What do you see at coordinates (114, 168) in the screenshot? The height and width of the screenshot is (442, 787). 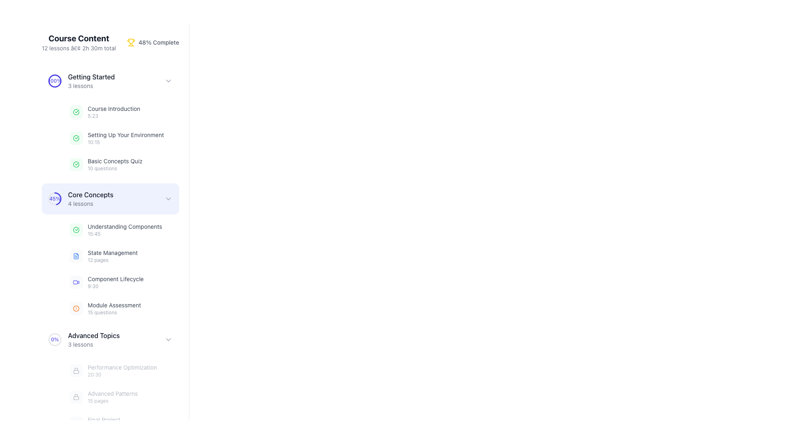 I see `text display showing '10 questions' which is located below the title 'Basic Concepts Quiz' in the course content list under 'Getting Started'` at bounding box center [114, 168].